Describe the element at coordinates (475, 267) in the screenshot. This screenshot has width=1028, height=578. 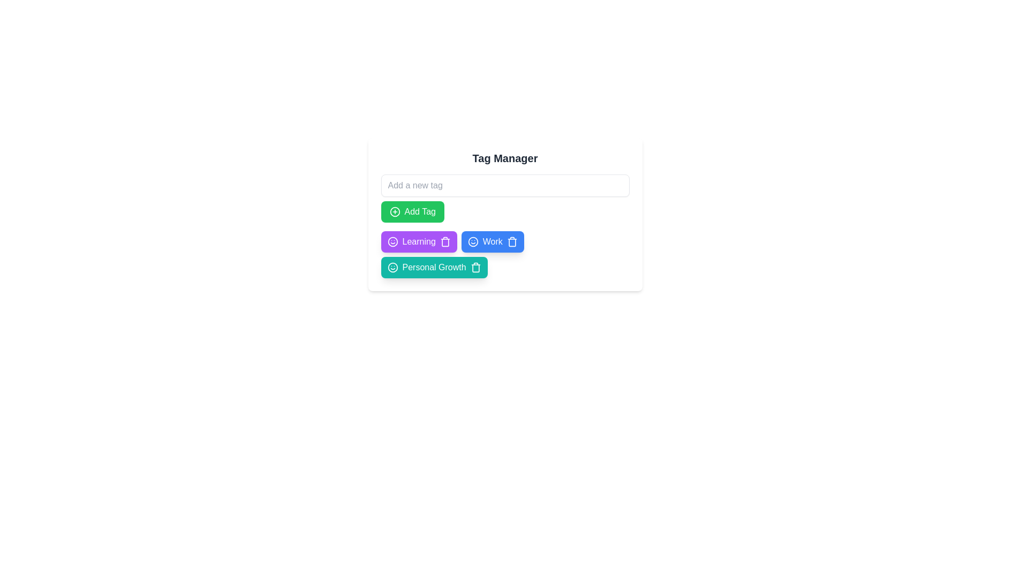
I see `trash icon of the tag labeled Personal Growth to delete it` at that location.